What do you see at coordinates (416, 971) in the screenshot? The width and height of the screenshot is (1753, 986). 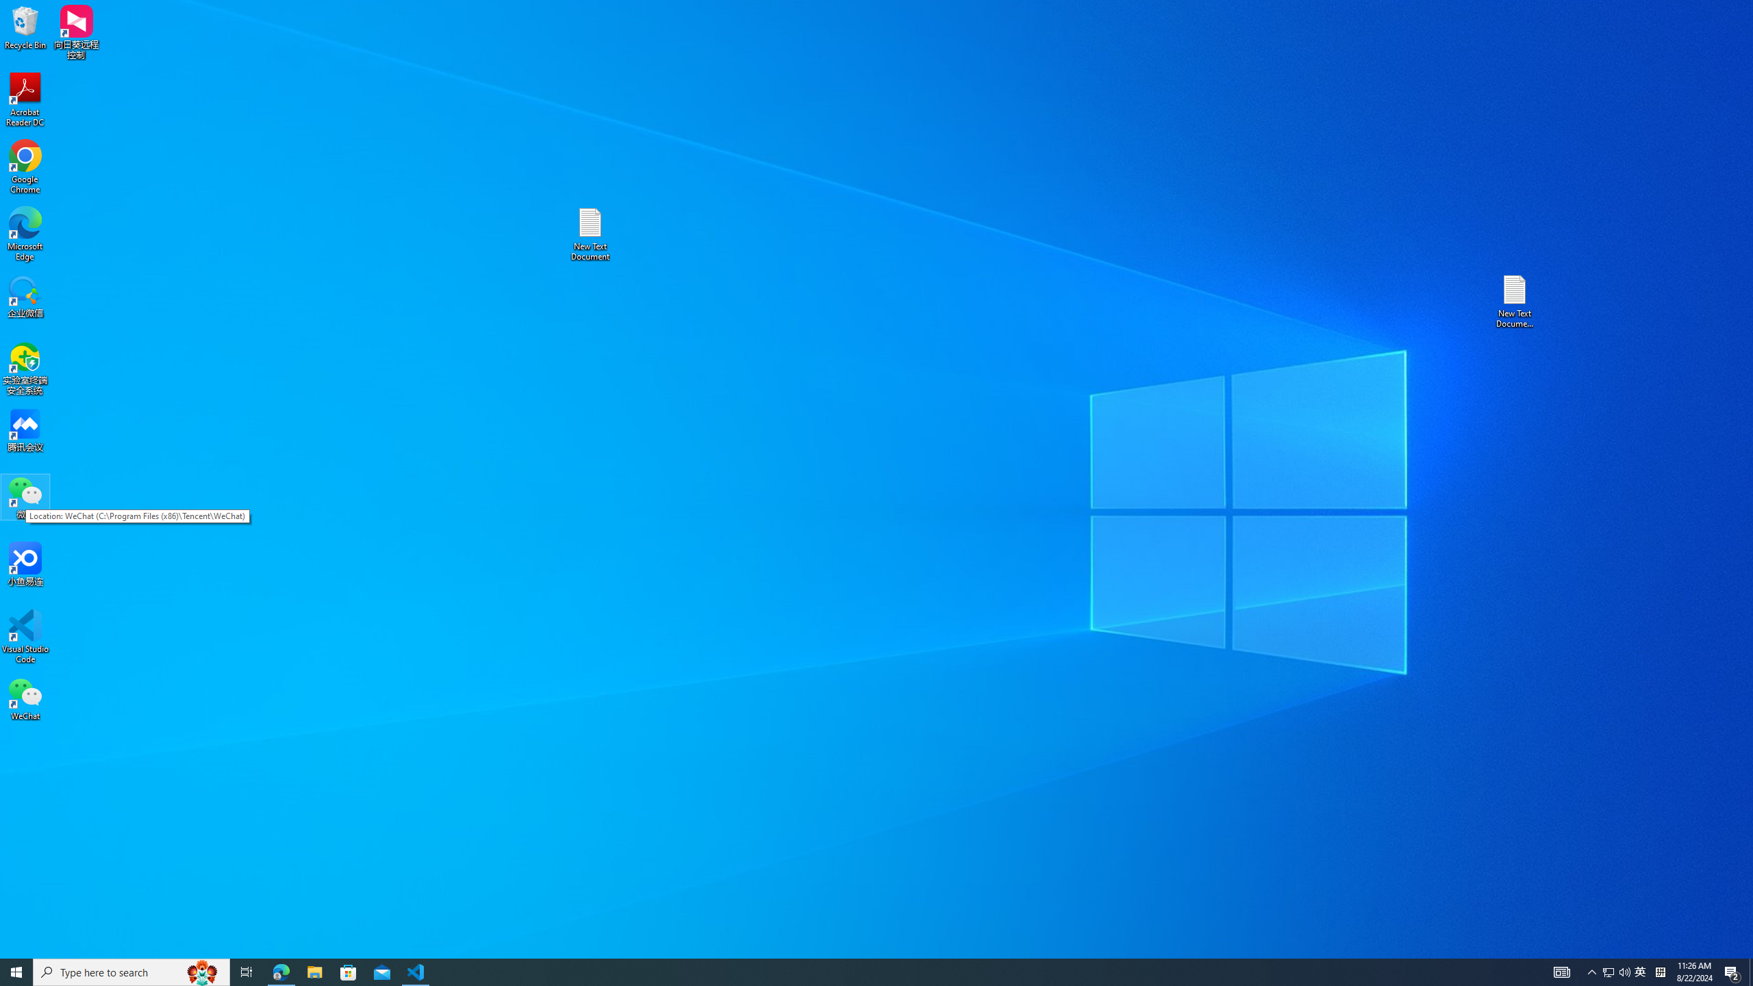 I see `'Visual Studio Code - 1 running window'` at bounding box center [416, 971].